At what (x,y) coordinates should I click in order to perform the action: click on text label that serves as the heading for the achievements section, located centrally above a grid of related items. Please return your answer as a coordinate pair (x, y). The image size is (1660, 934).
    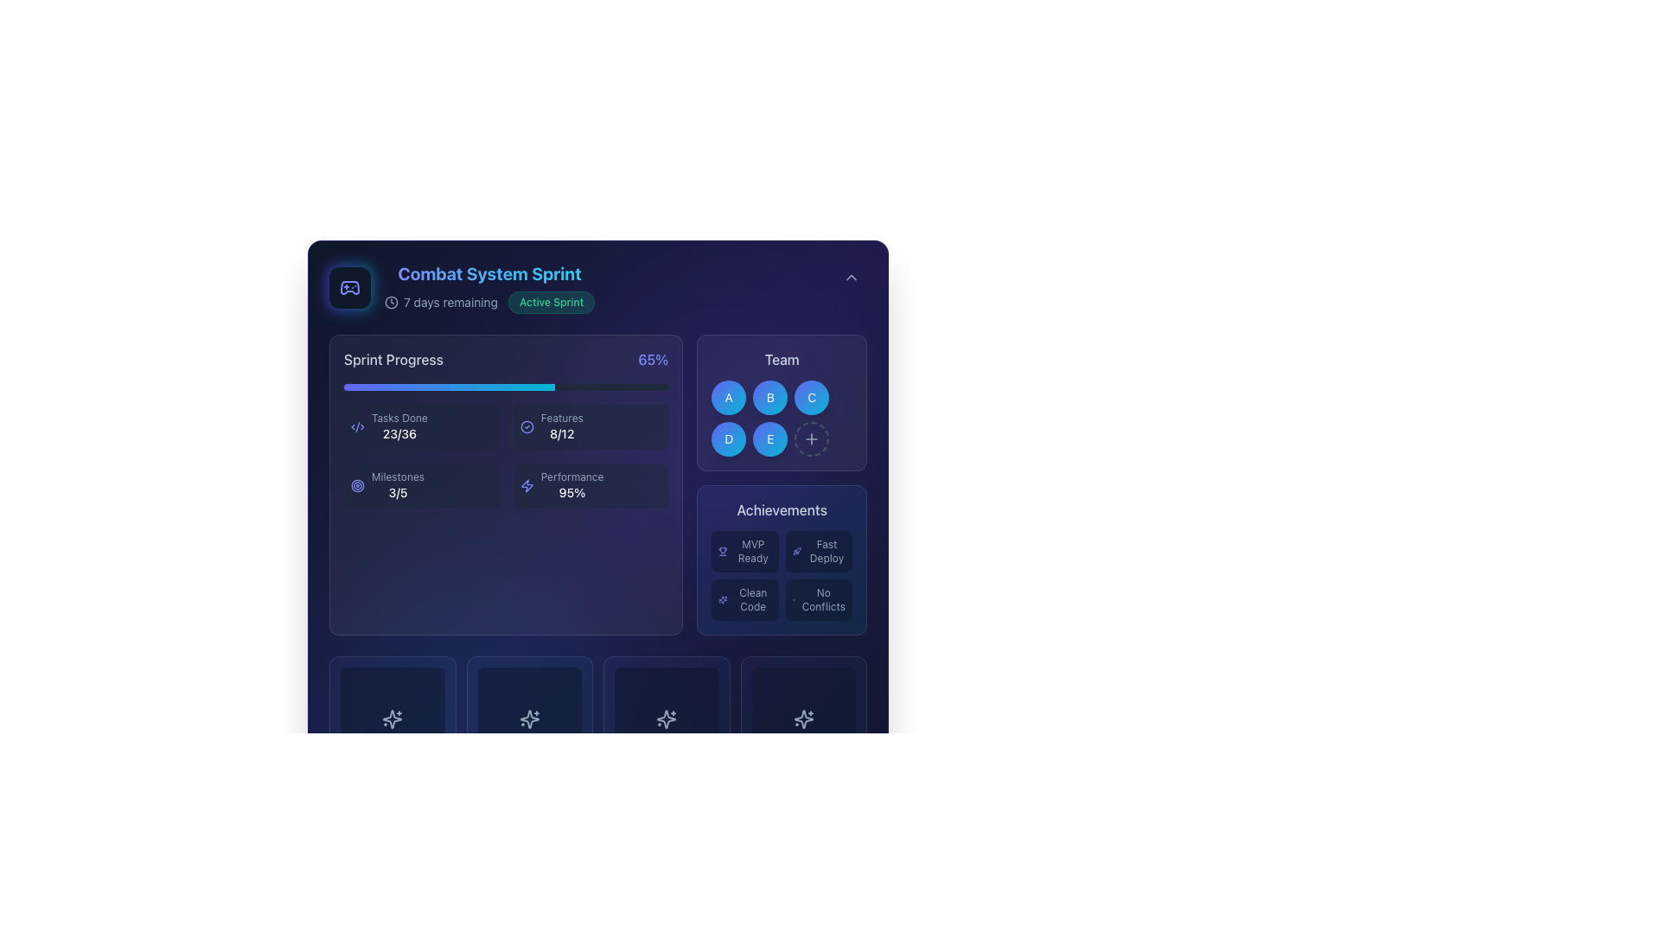
    Looking at the image, I should click on (781, 509).